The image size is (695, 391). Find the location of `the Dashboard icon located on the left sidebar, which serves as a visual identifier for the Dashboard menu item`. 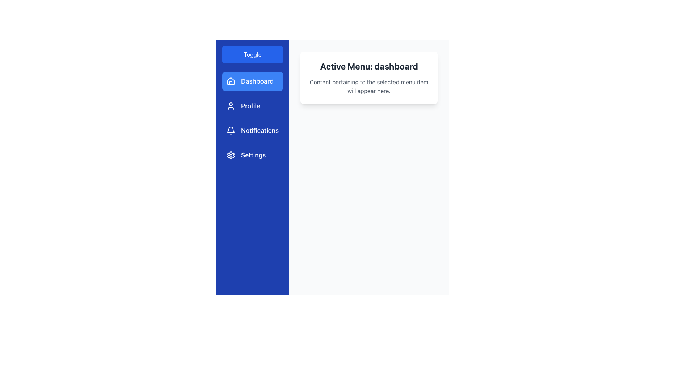

the Dashboard icon located on the left sidebar, which serves as a visual identifier for the Dashboard menu item is located at coordinates (231, 81).